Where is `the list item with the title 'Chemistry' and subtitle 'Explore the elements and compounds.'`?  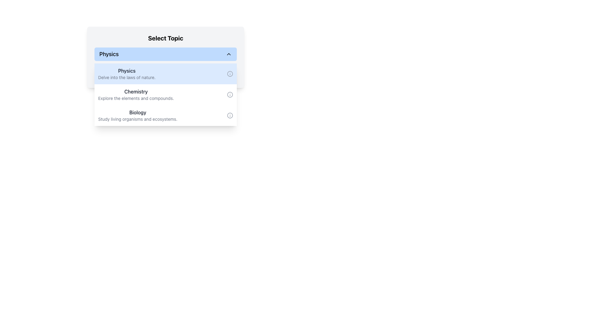 the list item with the title 'Chemistry' and subtitle 'Explore the elements and compounds.' is located at coordinates (136, 94).